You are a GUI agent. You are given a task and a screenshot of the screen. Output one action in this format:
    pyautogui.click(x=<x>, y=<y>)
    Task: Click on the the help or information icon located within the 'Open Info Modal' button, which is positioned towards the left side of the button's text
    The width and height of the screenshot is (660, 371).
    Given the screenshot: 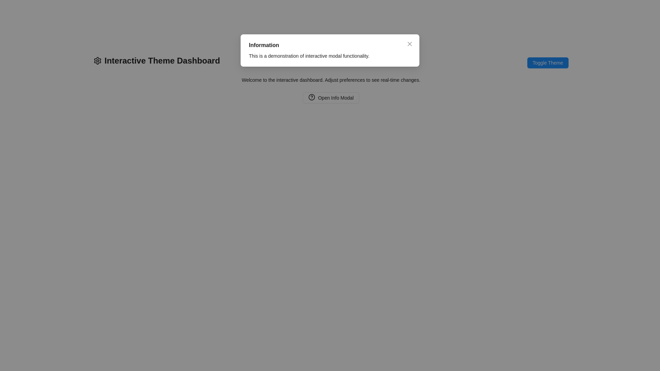 What is the action you would take?
    pyautogui.click(x=311, y=98)
    